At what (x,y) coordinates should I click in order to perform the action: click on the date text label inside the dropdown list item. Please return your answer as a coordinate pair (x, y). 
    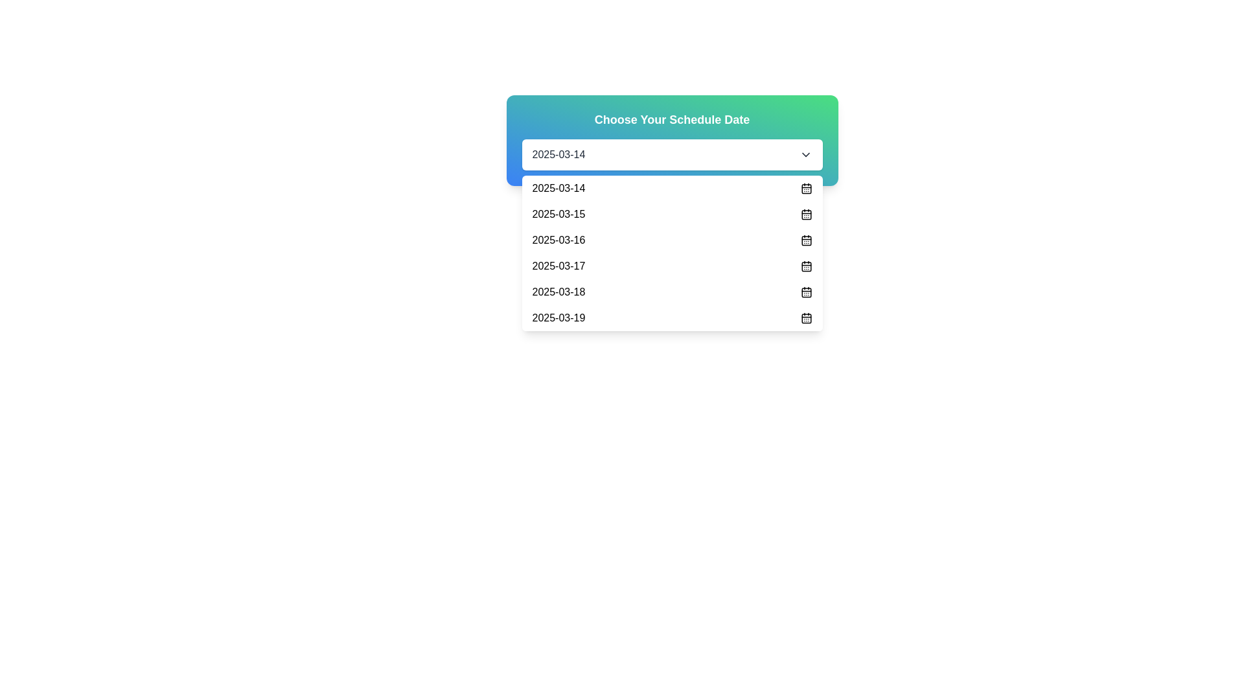
    Looking at the image, I should click on (559, 188).